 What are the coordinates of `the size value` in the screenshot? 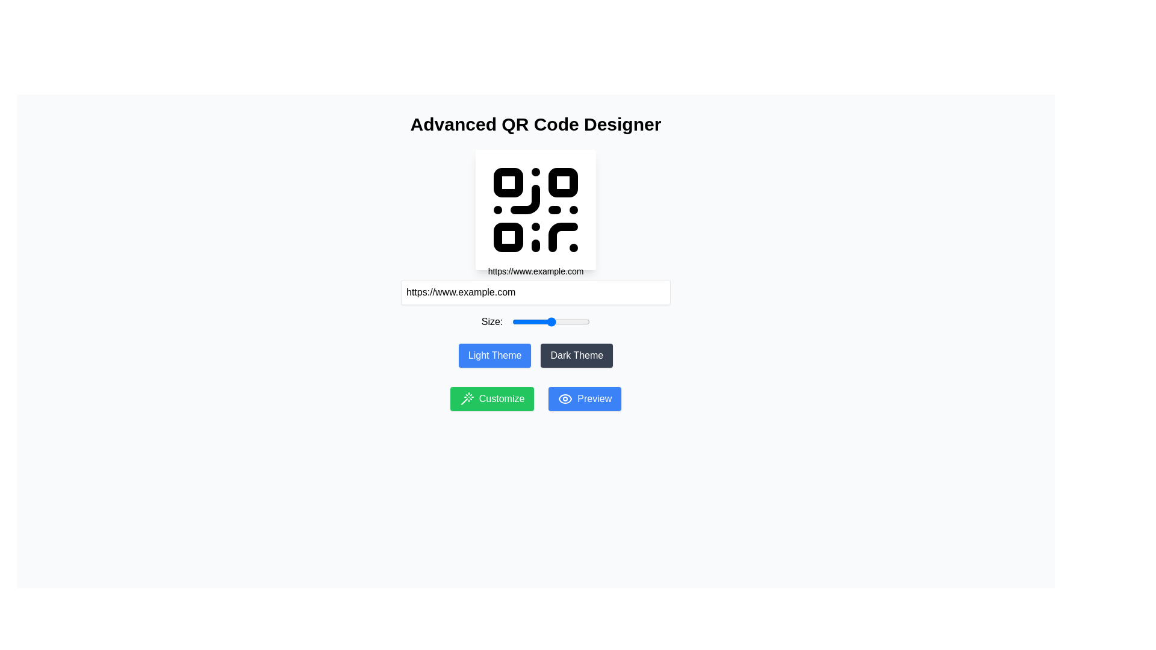 It's located at (588, 321).